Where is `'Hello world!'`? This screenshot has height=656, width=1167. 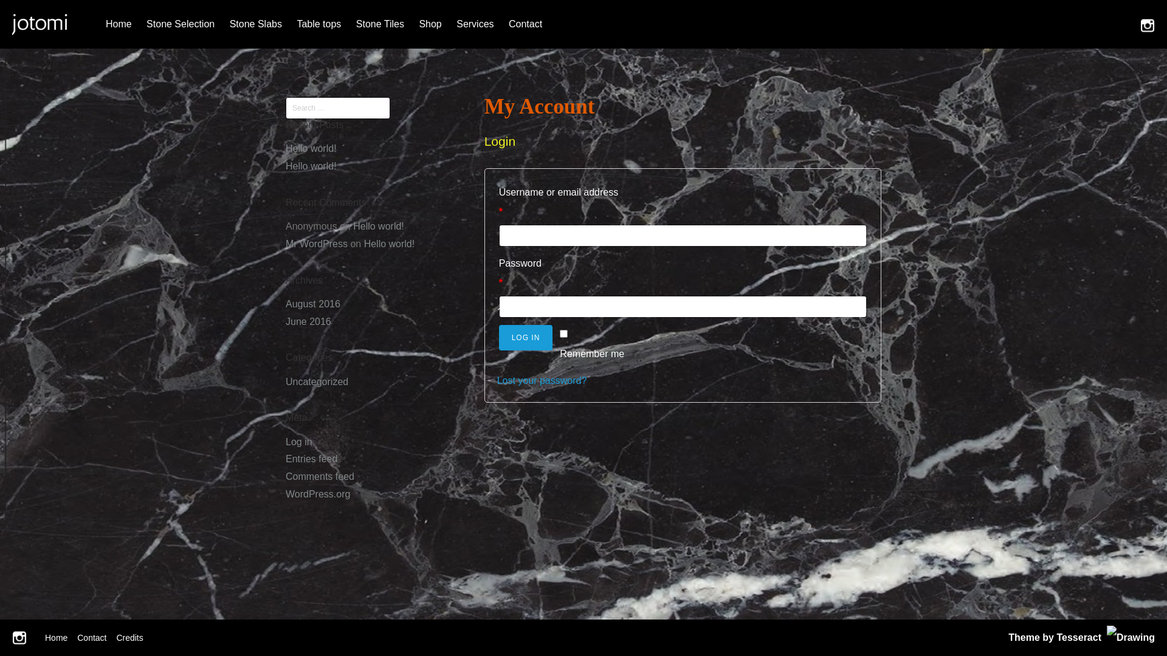
'Hello world!' is located at coordinates (311, 166).